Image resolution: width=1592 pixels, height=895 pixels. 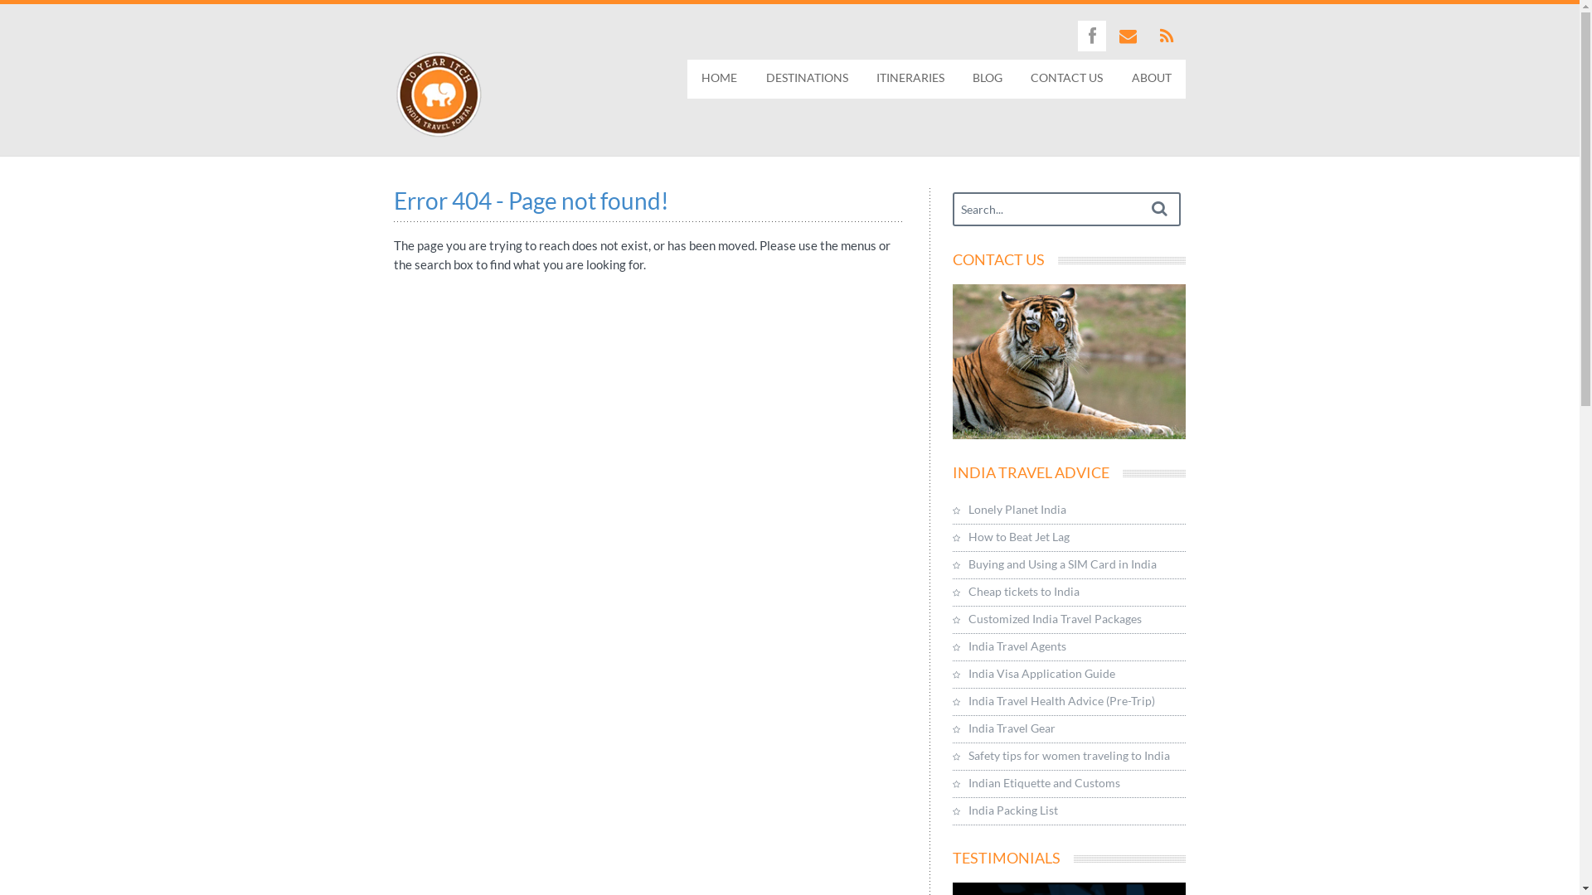 I want to click on 'Search', so click(x=1158, y=207).